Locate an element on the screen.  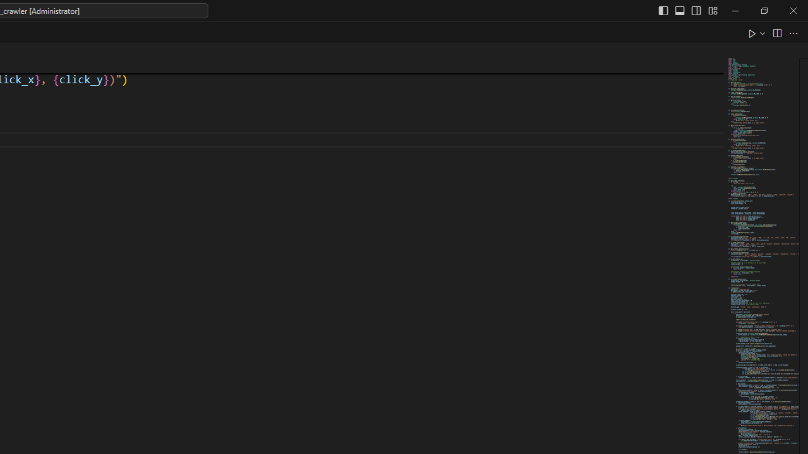
'Split Editor Right (Ctrl+\) [Alt] Split Editor Down' is located at coordinates (776, 32).